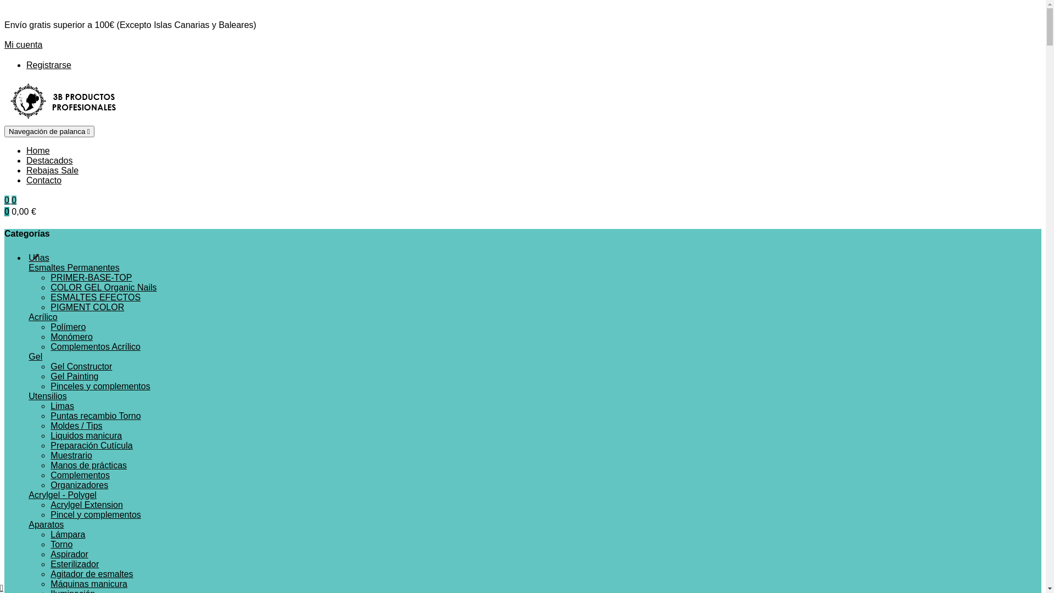 The height and width of the screenshot is (593, 1054). What do you see at coordinates (76, 425) in the screenshot?
I see `'Moldes / Tips'` at bounding box center [76, 425].